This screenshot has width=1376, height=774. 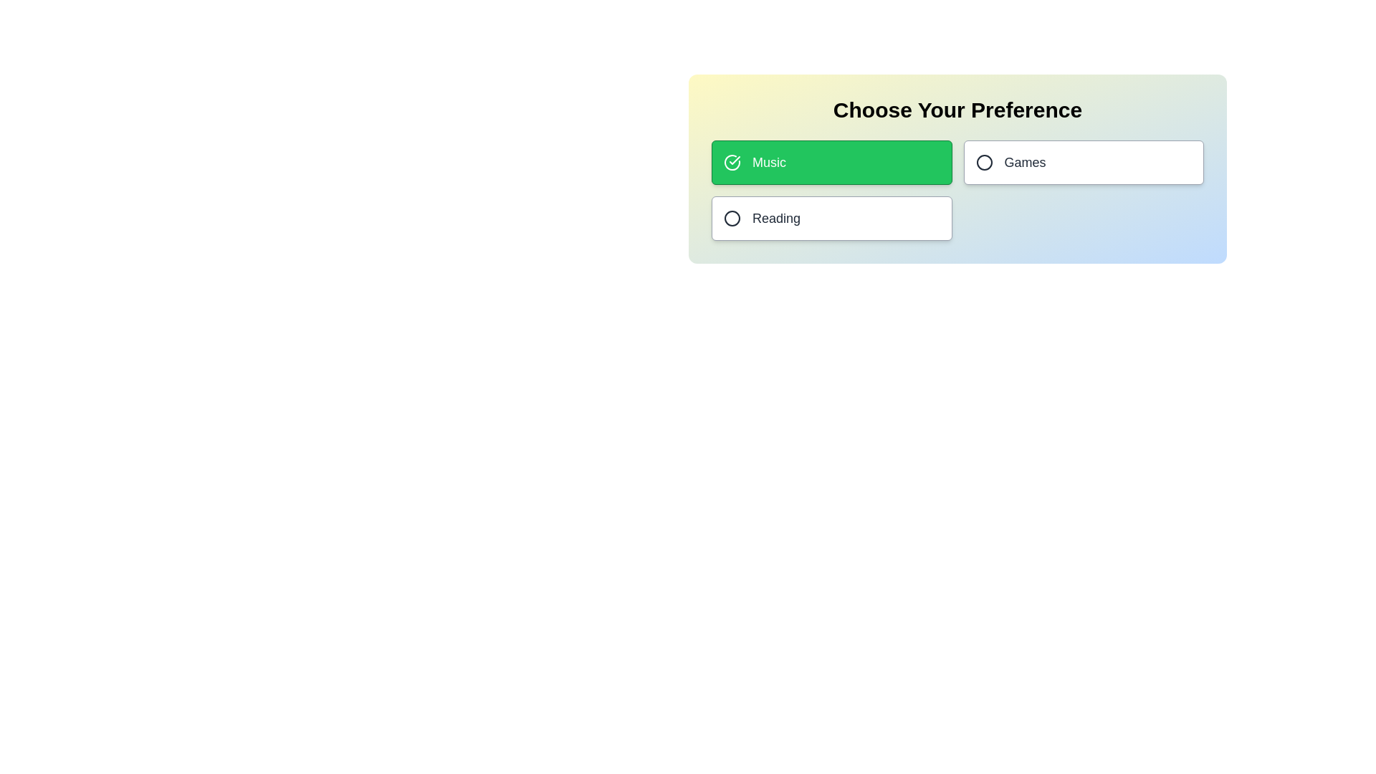 I want to click on the header text element that indicates the purpose of the selection options for 'Music', 'Games', and 'Reading', so click(x=957, y=110).